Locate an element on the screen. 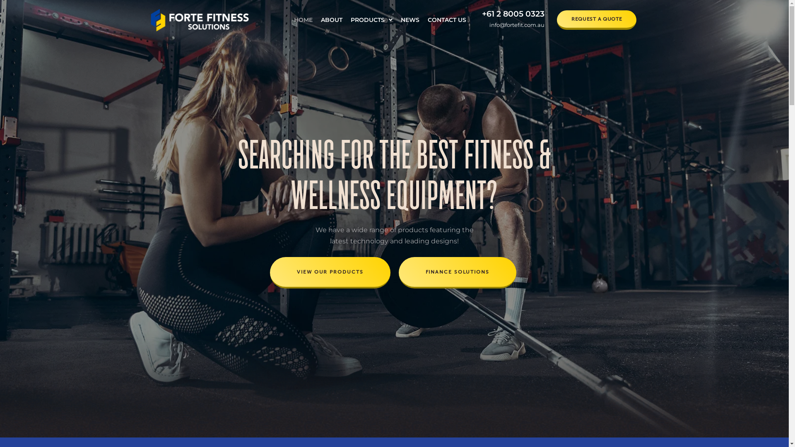  'REQUEST A QUOTE' is located at coordinates (556, 19).